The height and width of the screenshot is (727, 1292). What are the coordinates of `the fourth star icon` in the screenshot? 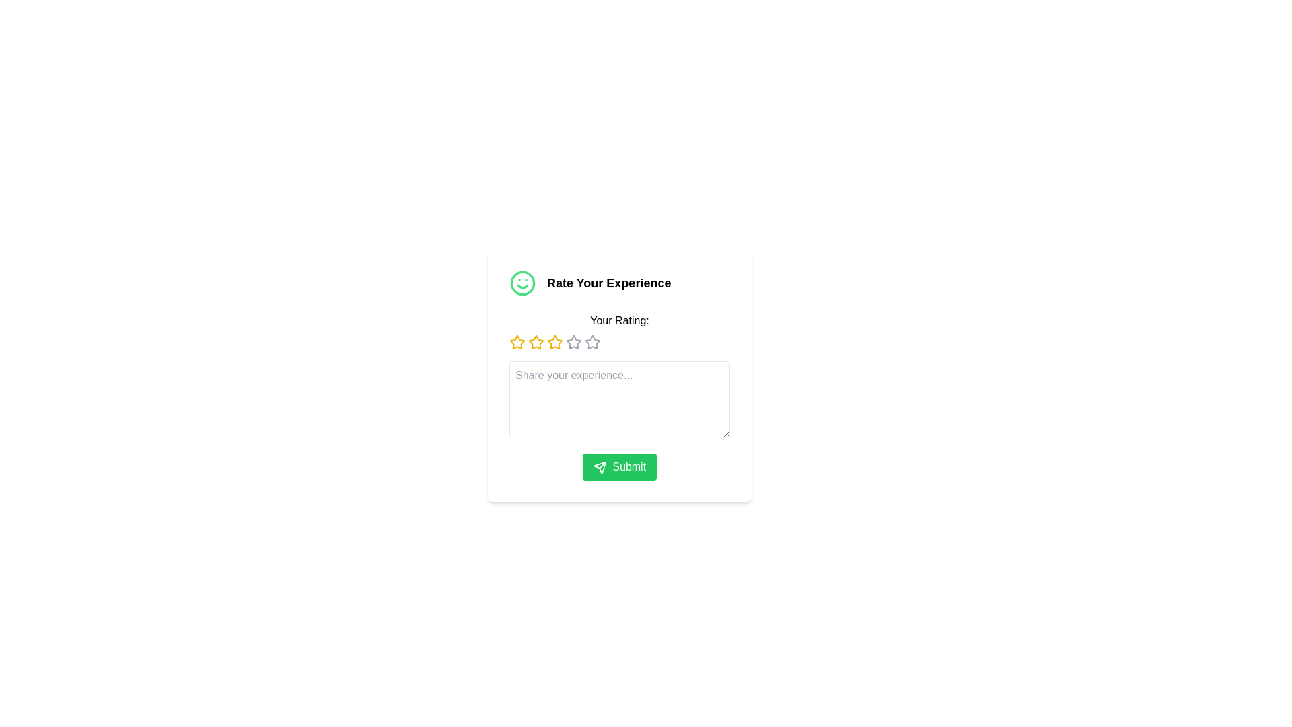 It's located at (574, 341).